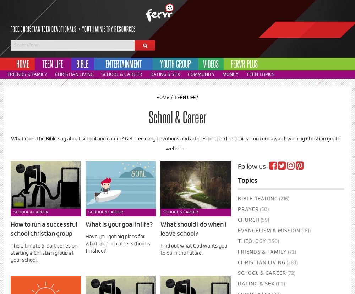  Describe the element at coordinates (237, 220) in the screenshot. I see `'Church'` at that location.